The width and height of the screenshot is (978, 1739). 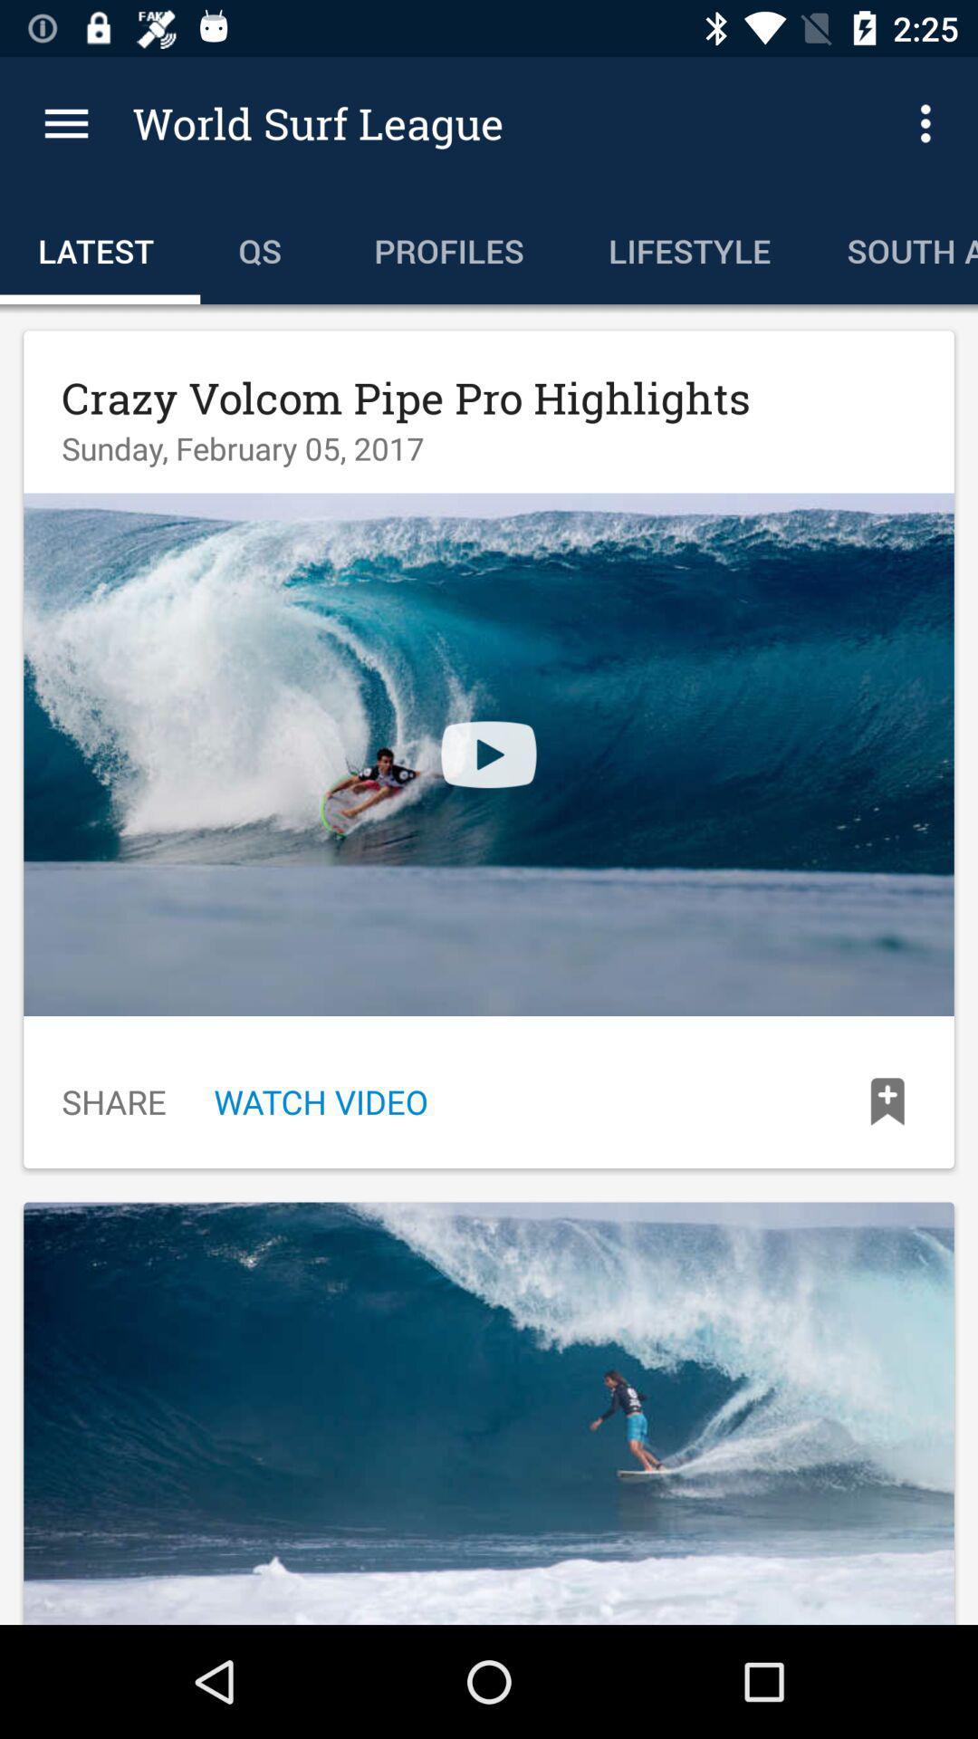 What do you see at coordinates (452, 246) in the screenshot?
I see `icon to the left of the lifestyle icon` at bounding box center [452, 246].